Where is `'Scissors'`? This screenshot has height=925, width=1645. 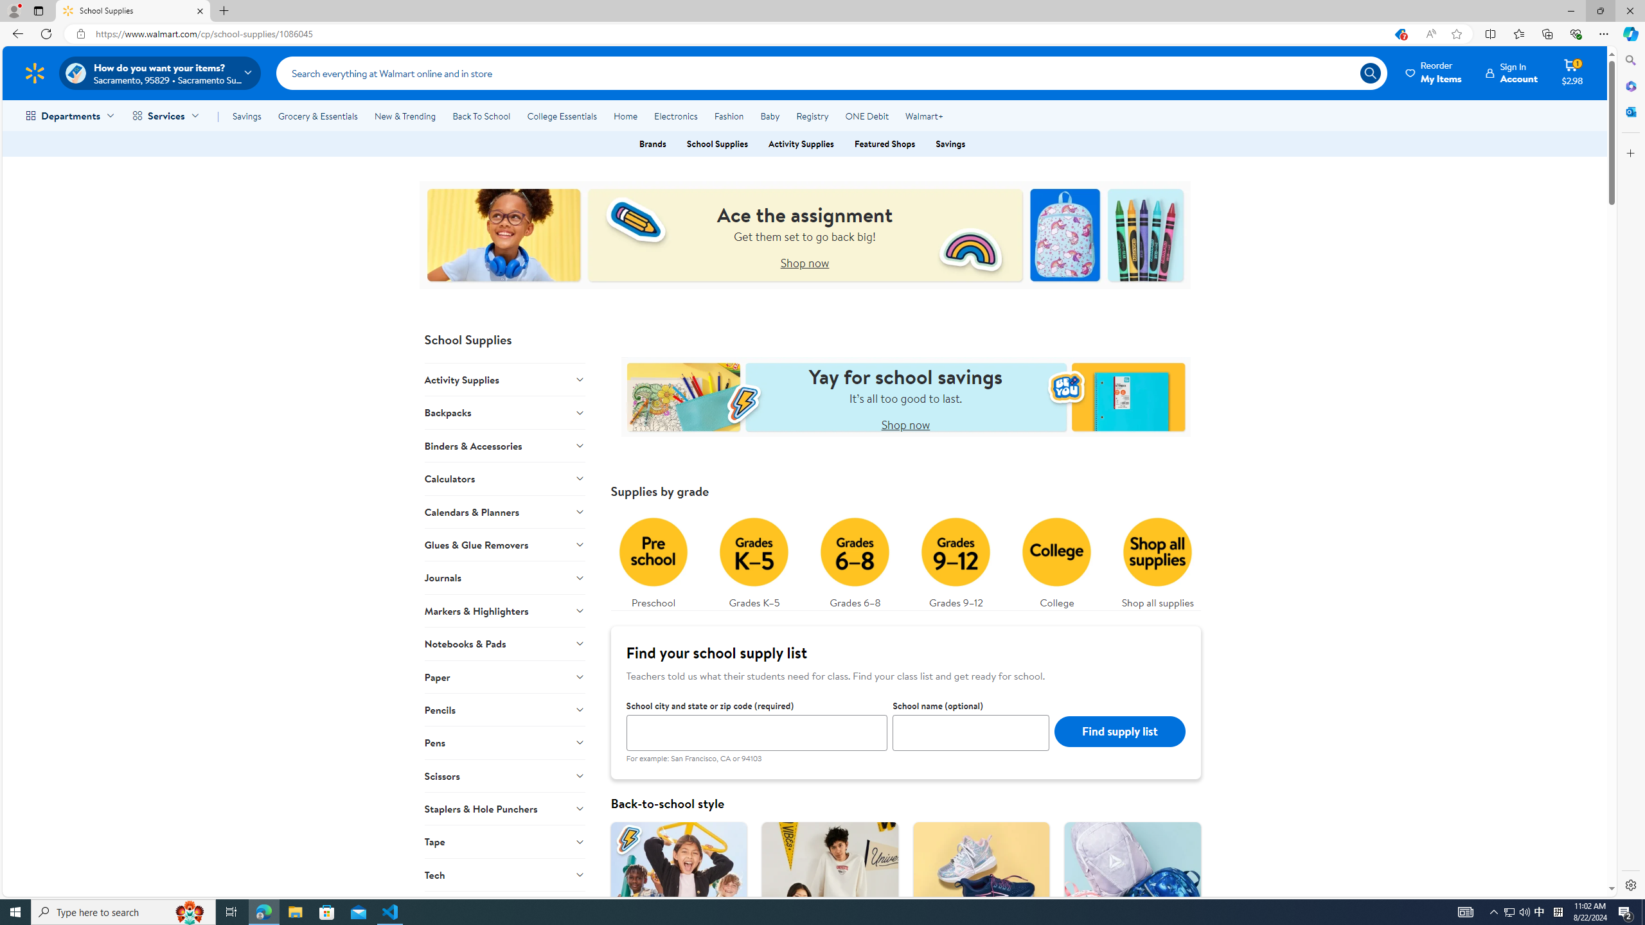 'Scissors' is located at coordinates (504, 775).